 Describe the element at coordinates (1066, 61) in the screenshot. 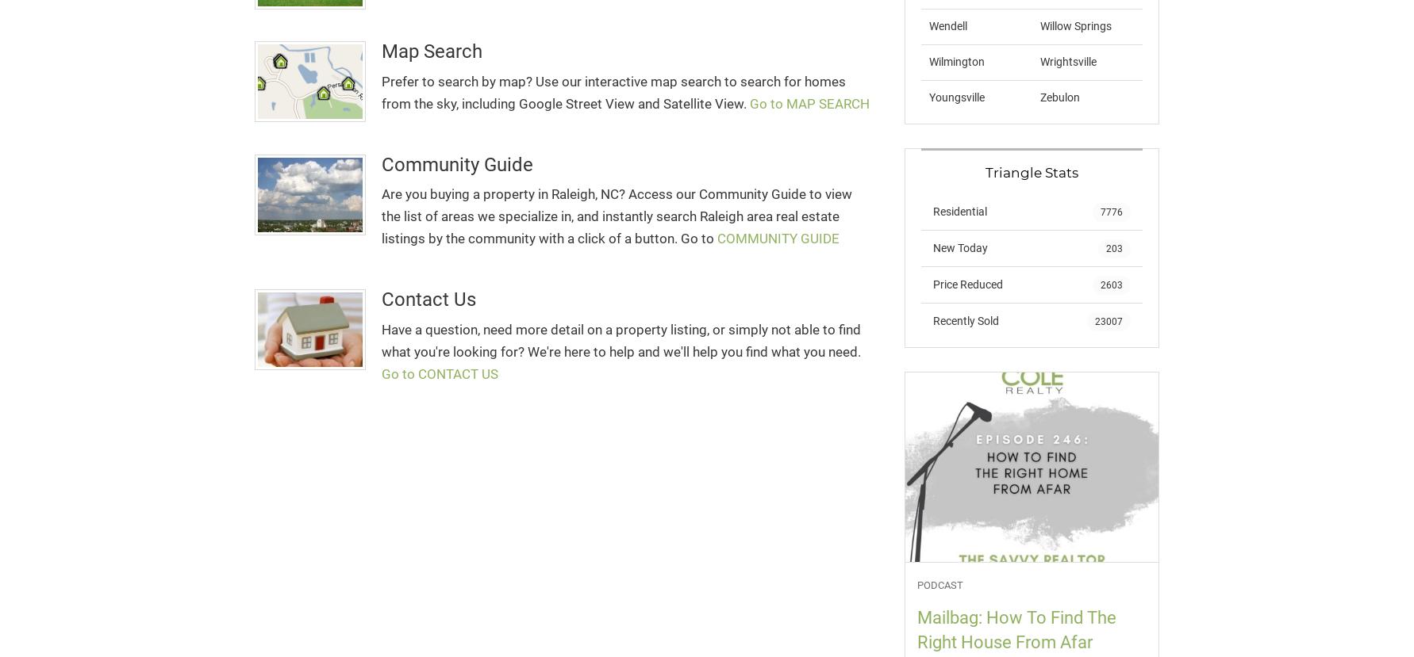

I see `'Wrightsville'` at that location.